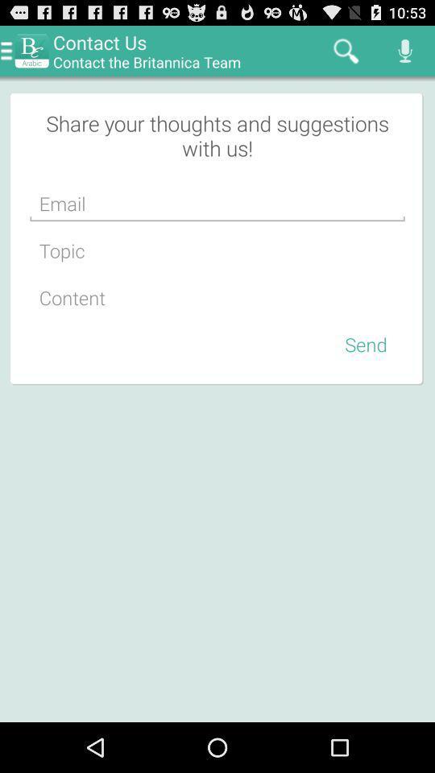 Image resolution: width=435 pixels, height=773 pixels. What do you see at coordinates (217, 203) in the screenshot?
I see `email address` at bounding box center [217, 203].